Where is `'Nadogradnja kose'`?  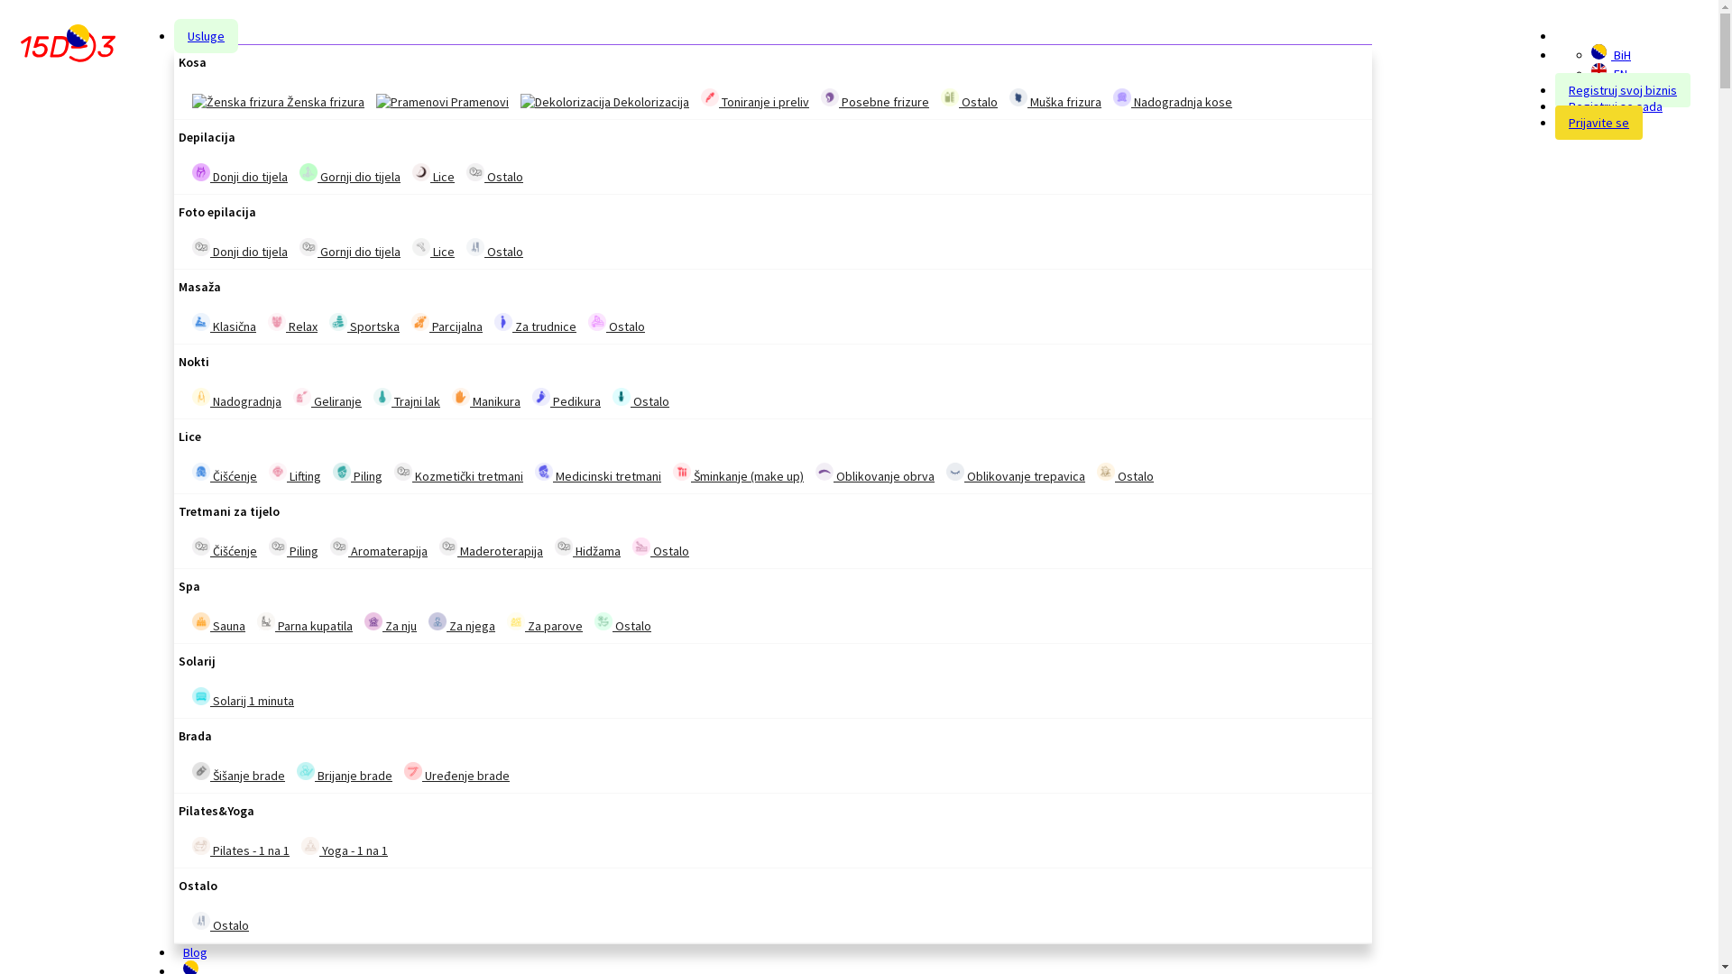
'Nadogradnja kose' is located at coordinates (1120, 97).